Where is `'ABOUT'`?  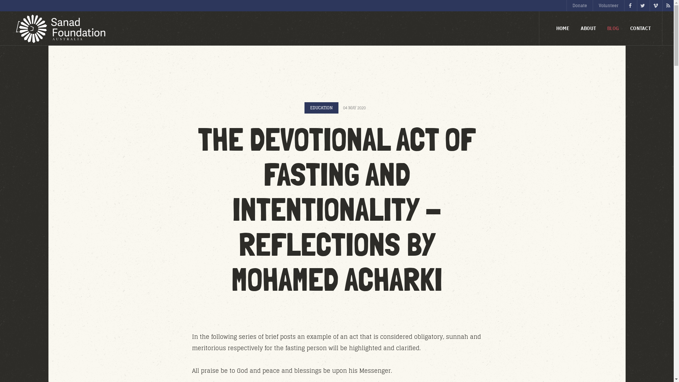
'ABOUT' is located at coordinates (588, 28).